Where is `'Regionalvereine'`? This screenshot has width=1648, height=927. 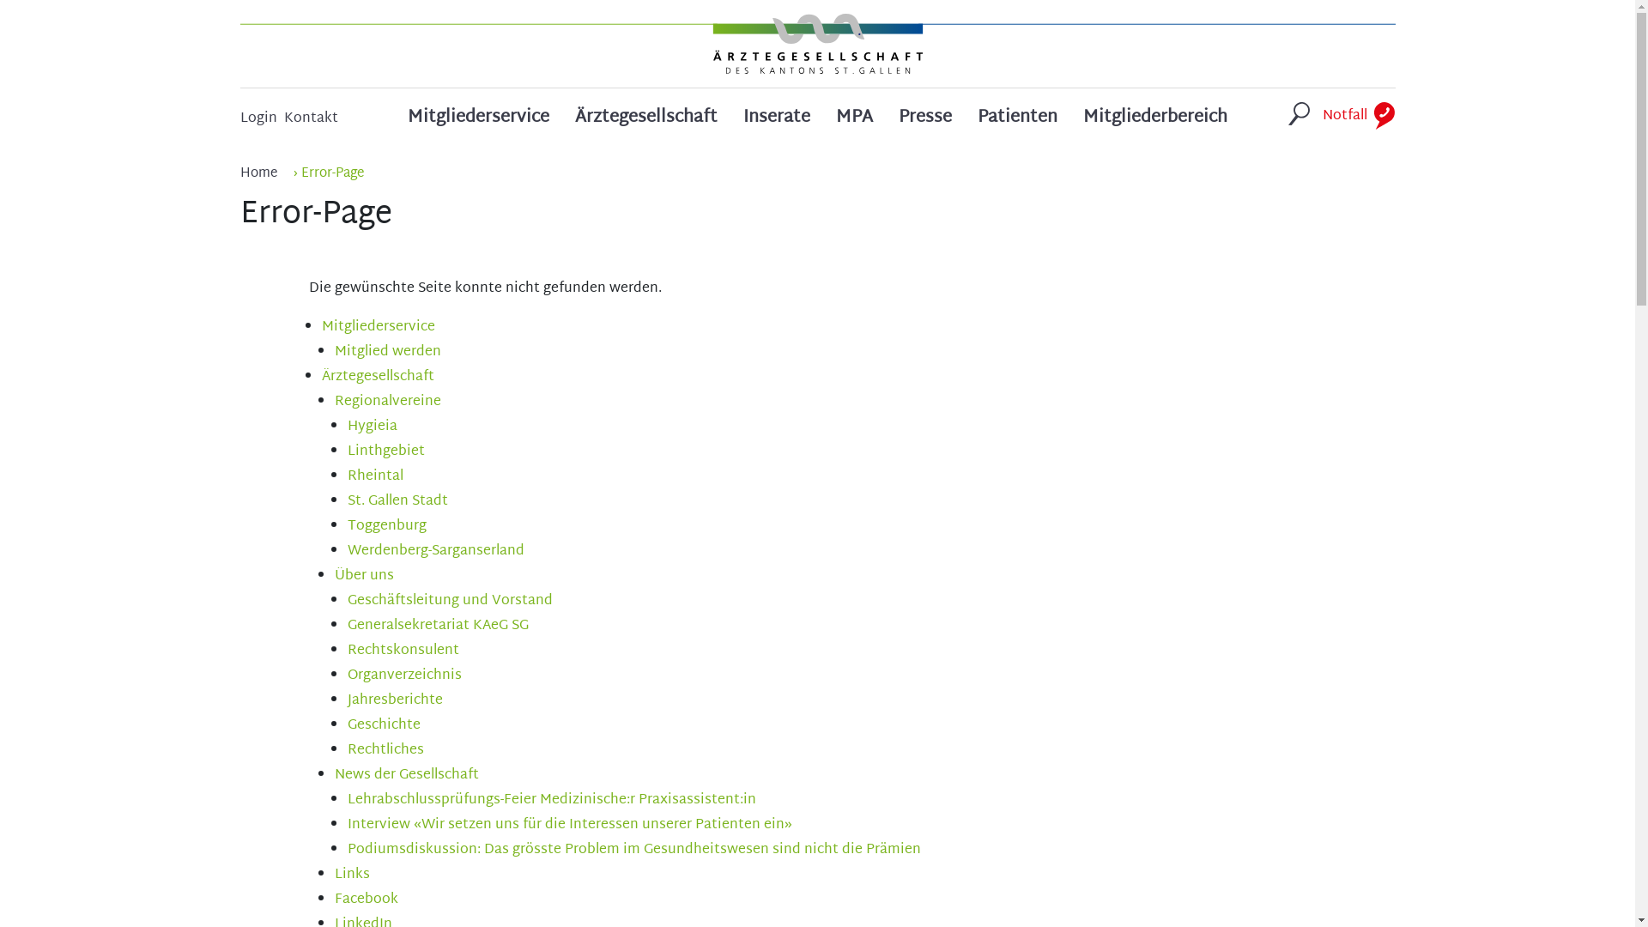 'Regionalvereine' is located at coordinates (386, 402).